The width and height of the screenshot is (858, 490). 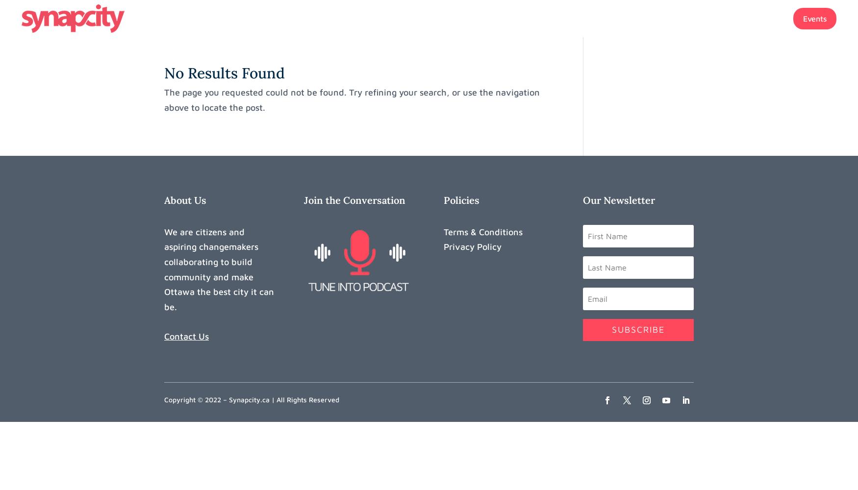 I want to click on 'Terms & Conditions', so click(x=482, y=231).